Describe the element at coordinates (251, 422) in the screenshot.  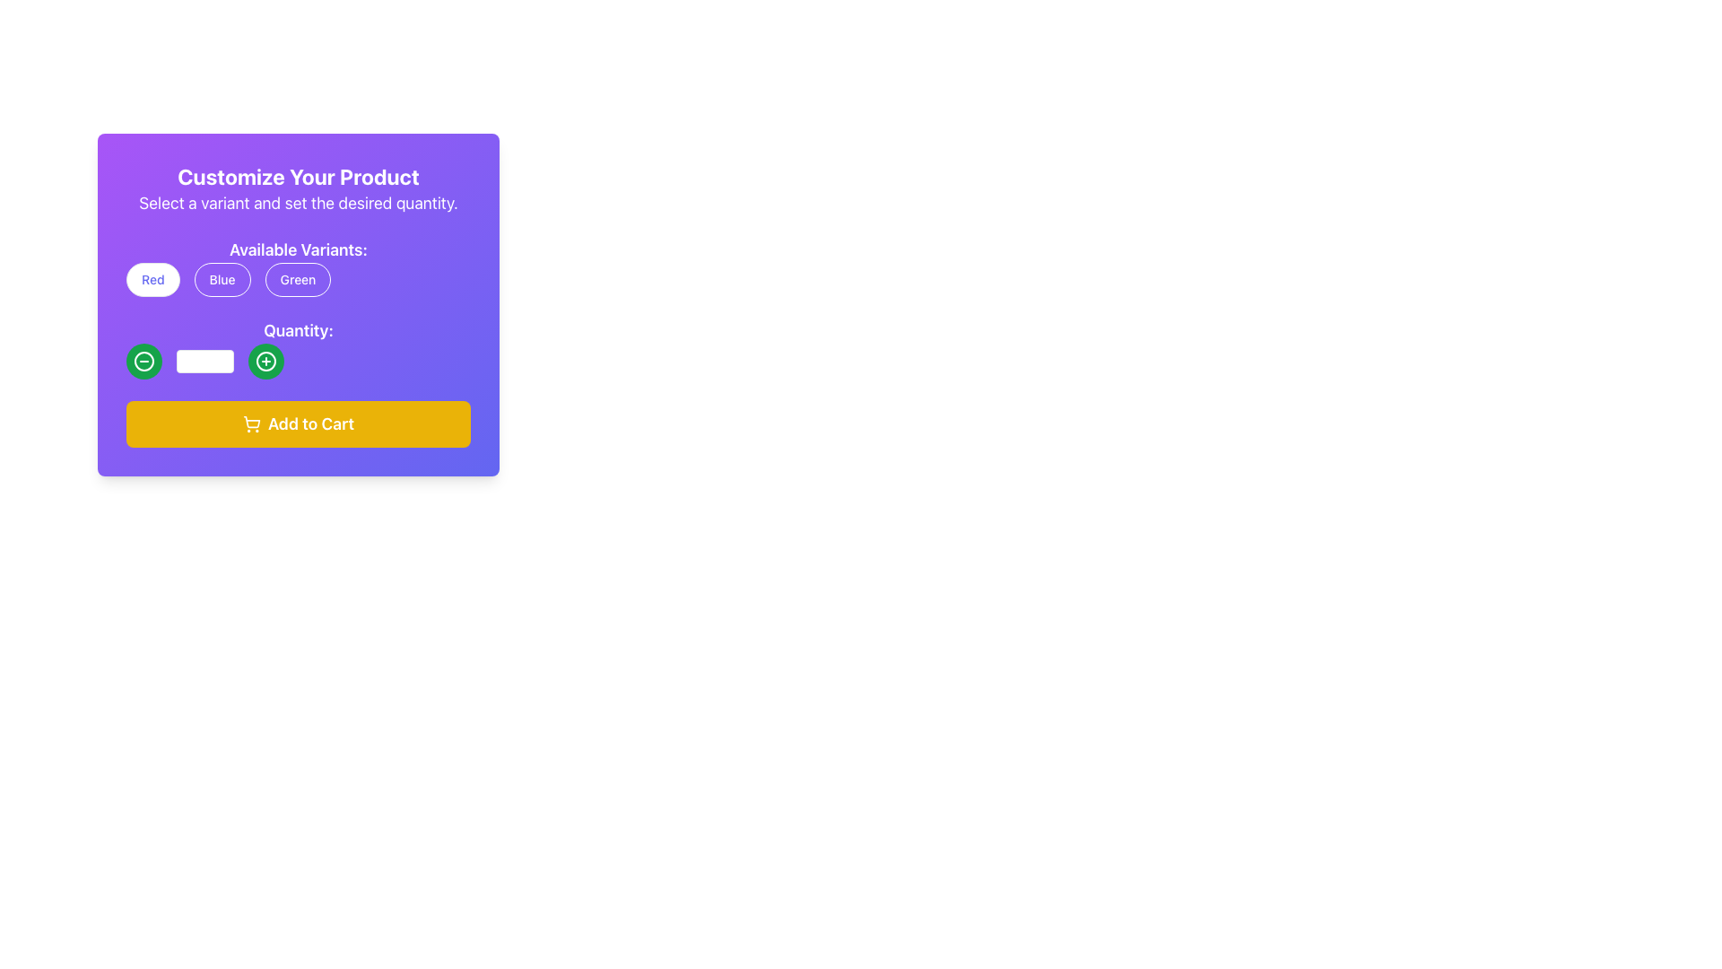
I see `the graphical vector icon representing the shopping cart within the 'Customize Your Product' modal window, which is part of the interactive button used for adding items to the cart` at that location.